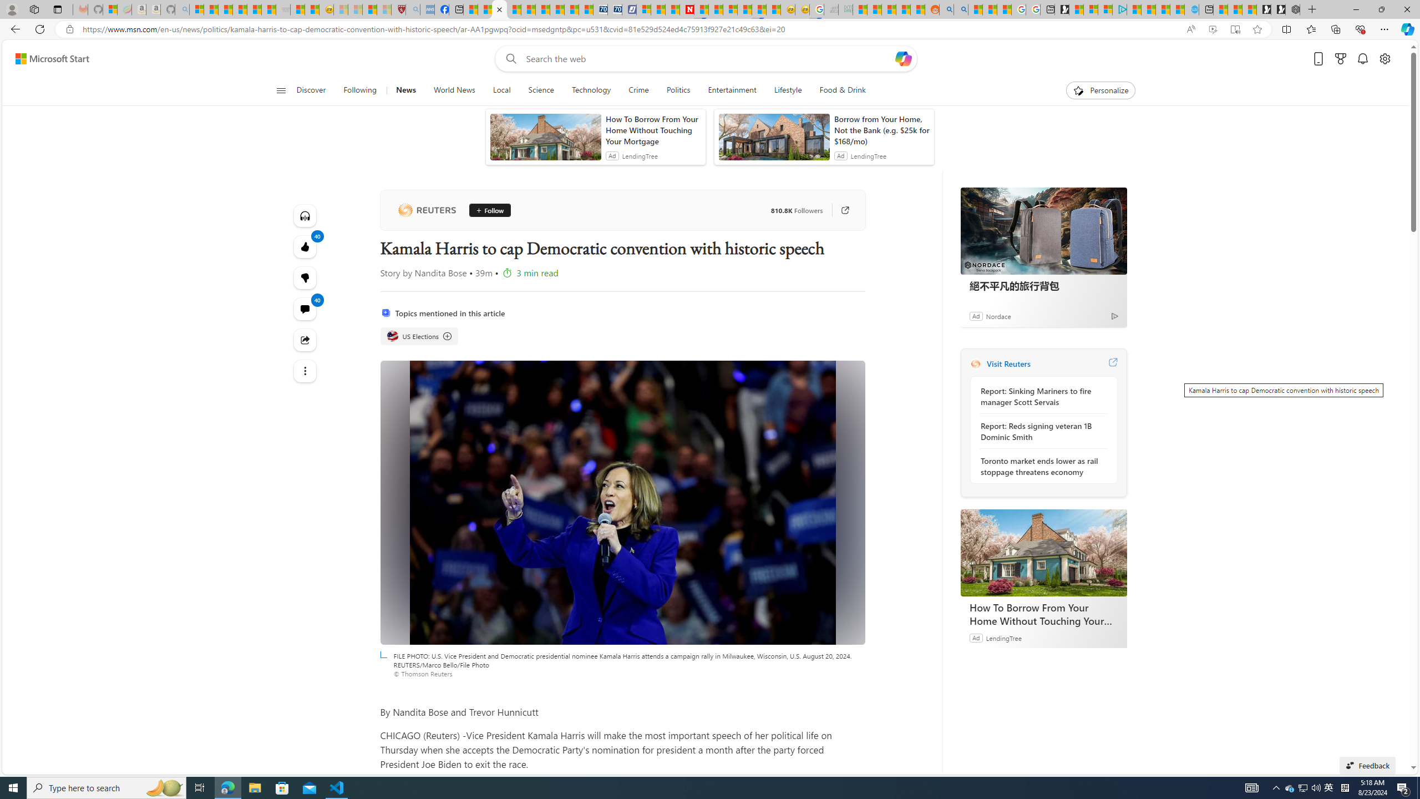  I want to click on 'World News', so click(454, 90).